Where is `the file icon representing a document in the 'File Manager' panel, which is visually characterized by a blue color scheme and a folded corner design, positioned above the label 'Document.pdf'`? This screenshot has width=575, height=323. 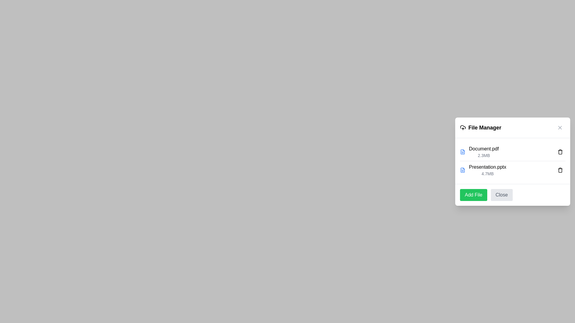 the file icon representing a document in the 'File Manager' panel, which is visually characterized by a blue color scheme and a folded corner design, positioned above the label 'Document.pdf' is located at coordinates (462, 151).